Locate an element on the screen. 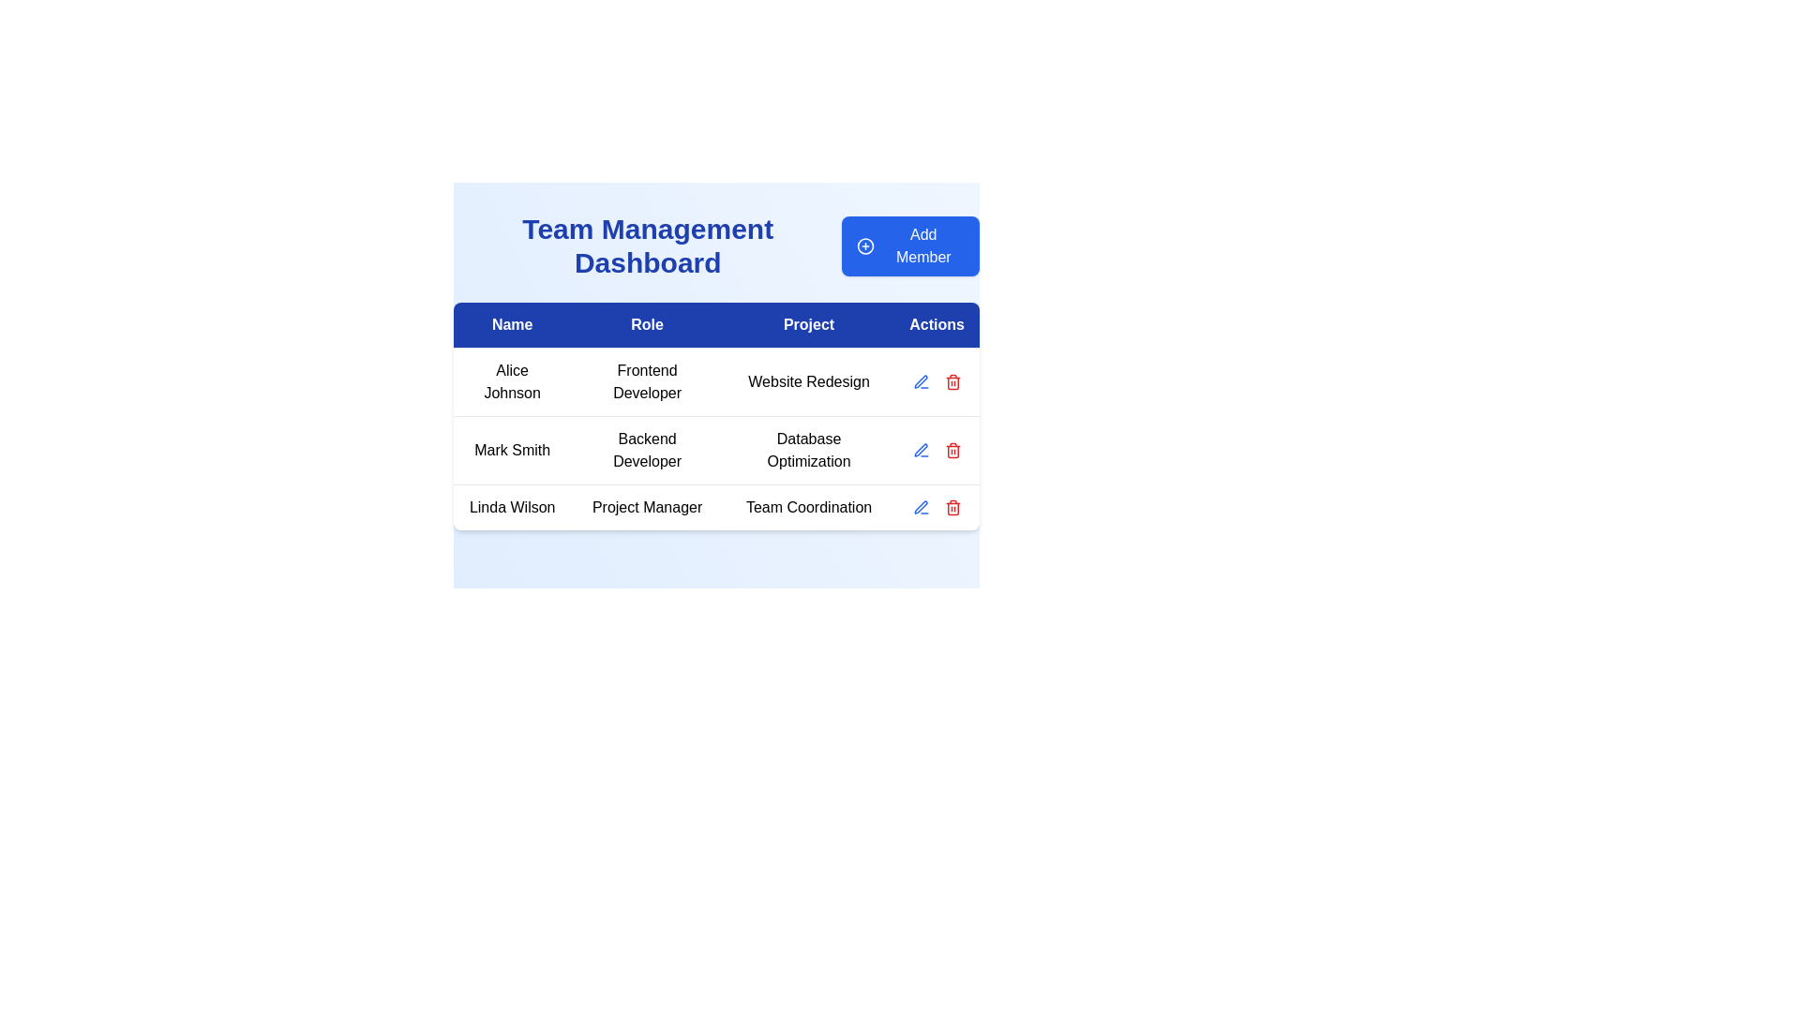 This screenshot has width=1800, height=1012. the first row of the table is located at coordinates (715, 381).